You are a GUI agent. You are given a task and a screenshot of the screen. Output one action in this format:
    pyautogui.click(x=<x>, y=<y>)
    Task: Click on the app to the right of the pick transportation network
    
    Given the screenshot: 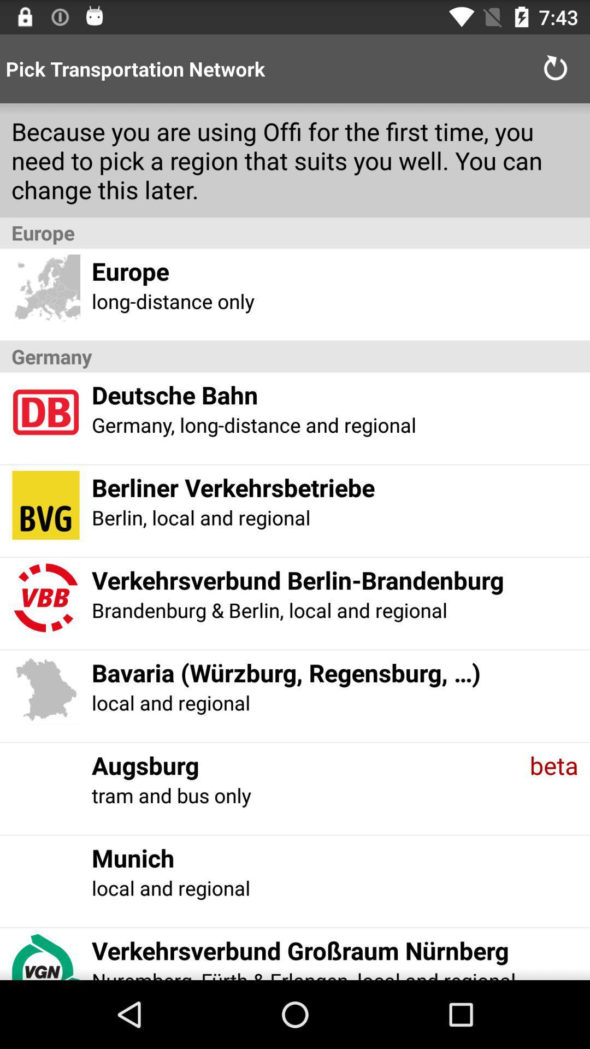 What is the action you would take?
    pyautogui.click(x=556, y=68)
    